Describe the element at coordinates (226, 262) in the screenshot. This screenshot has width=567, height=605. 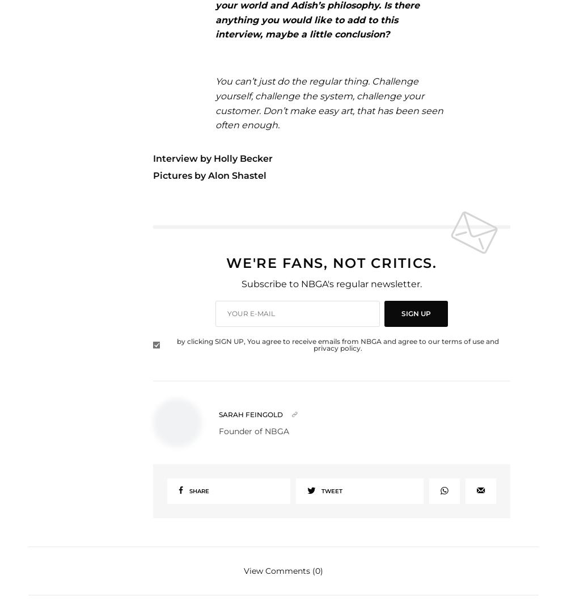
I see `'We're fans, not critics.'` at that location.